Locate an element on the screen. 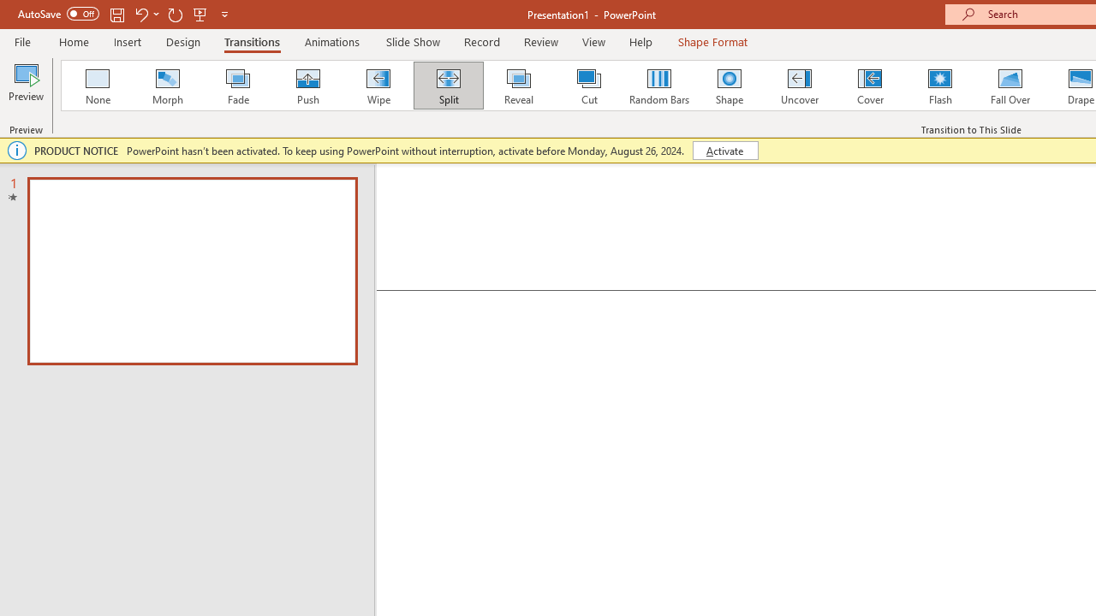 Image resolution: width=1096 pixels, height=616 pixels. 'Reveal' is located at coordinates (517, 86).